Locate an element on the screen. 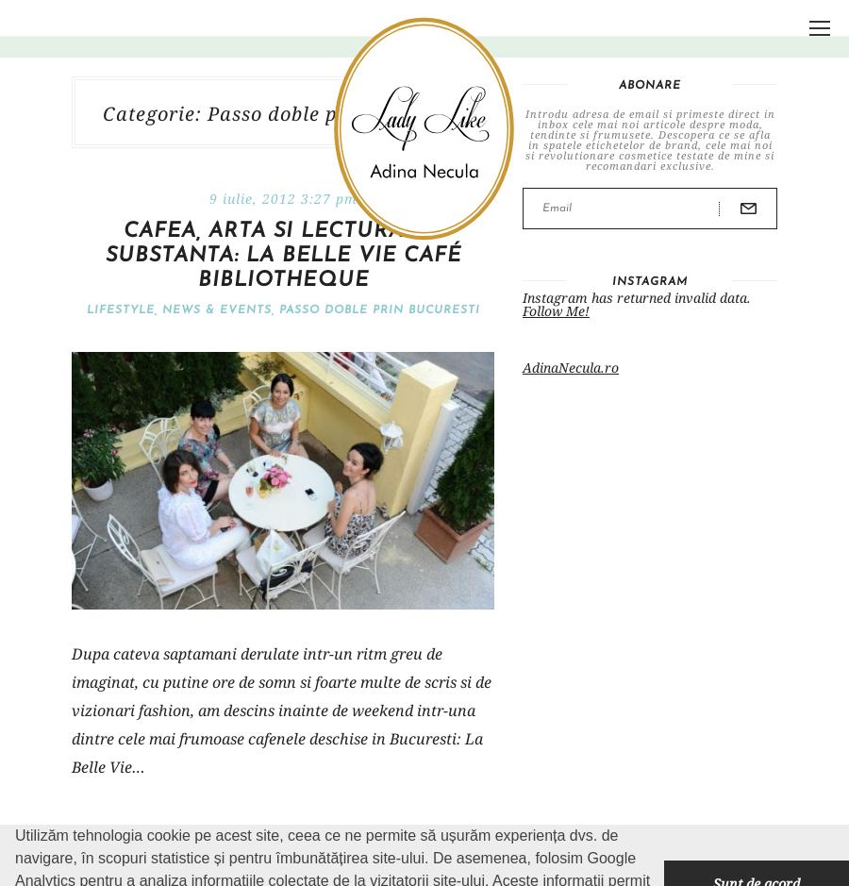 The width and height of the screenshot is (849, 886). 'News & Events' is located at coordinates (161, 309).